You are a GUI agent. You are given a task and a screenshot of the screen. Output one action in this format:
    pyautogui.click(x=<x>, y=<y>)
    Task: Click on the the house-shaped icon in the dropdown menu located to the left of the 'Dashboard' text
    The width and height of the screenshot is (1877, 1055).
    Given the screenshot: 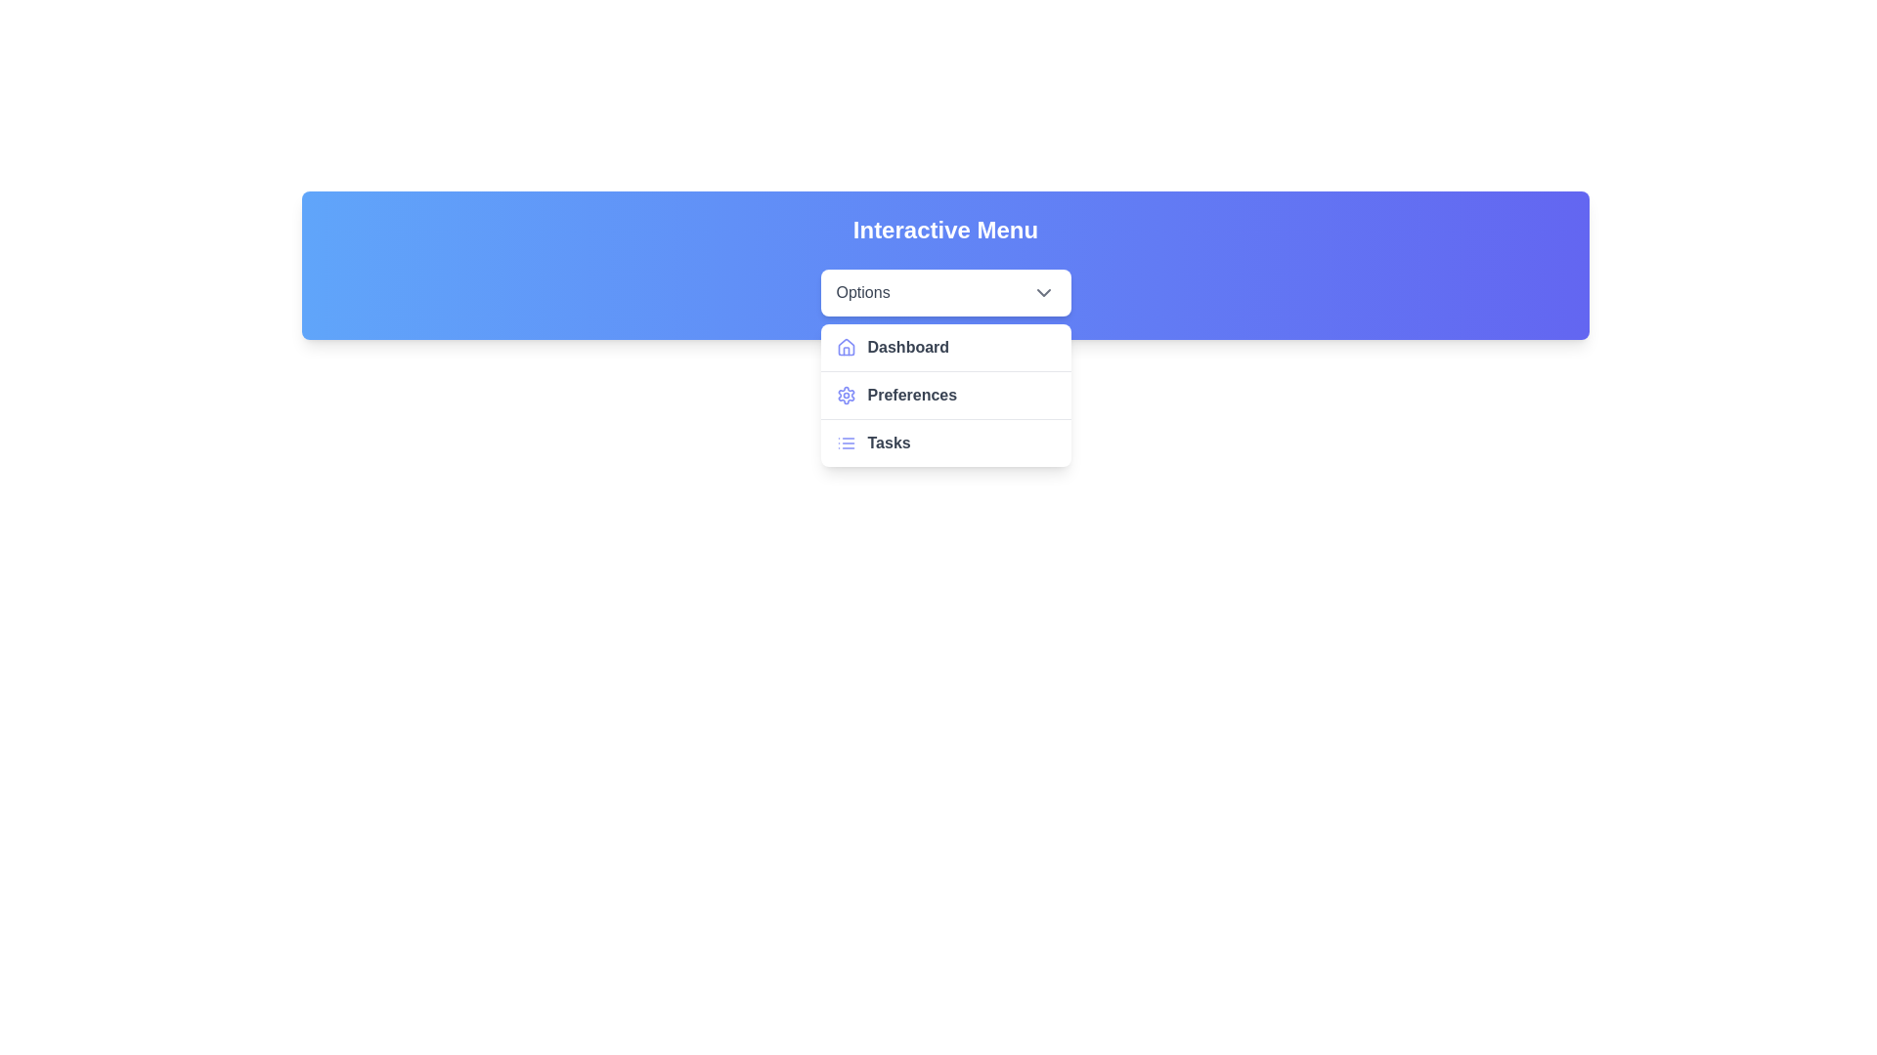 What is the action you would take?
    pyautogui.click(x=846, y=346)
    